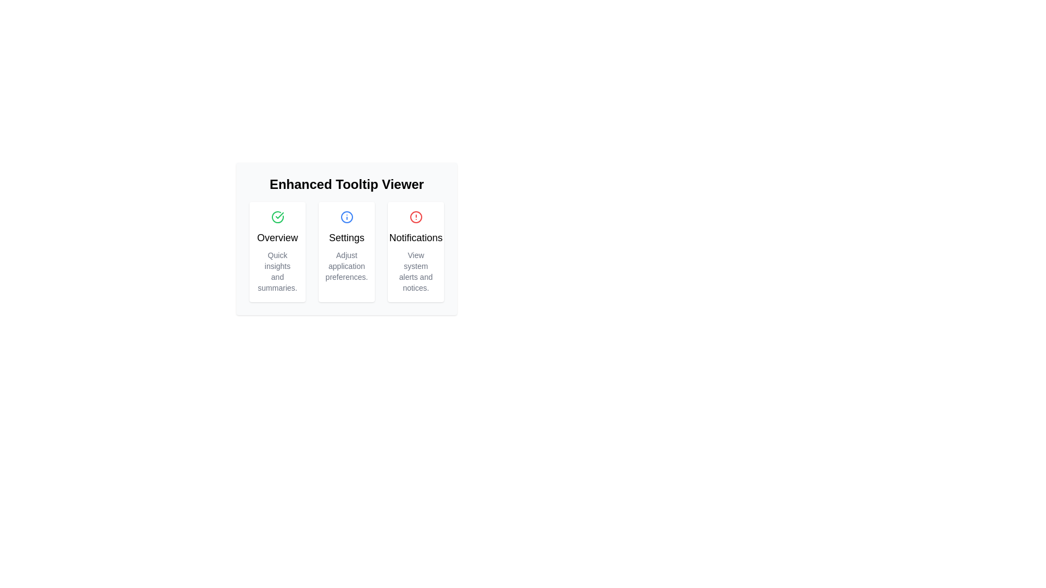  What do you see at coordinates (277, 271) in the screenshot?
I see `text label located at the bottom of the 'Overview' card, which provides a brief description or summary` at bounding box center [277, 271].